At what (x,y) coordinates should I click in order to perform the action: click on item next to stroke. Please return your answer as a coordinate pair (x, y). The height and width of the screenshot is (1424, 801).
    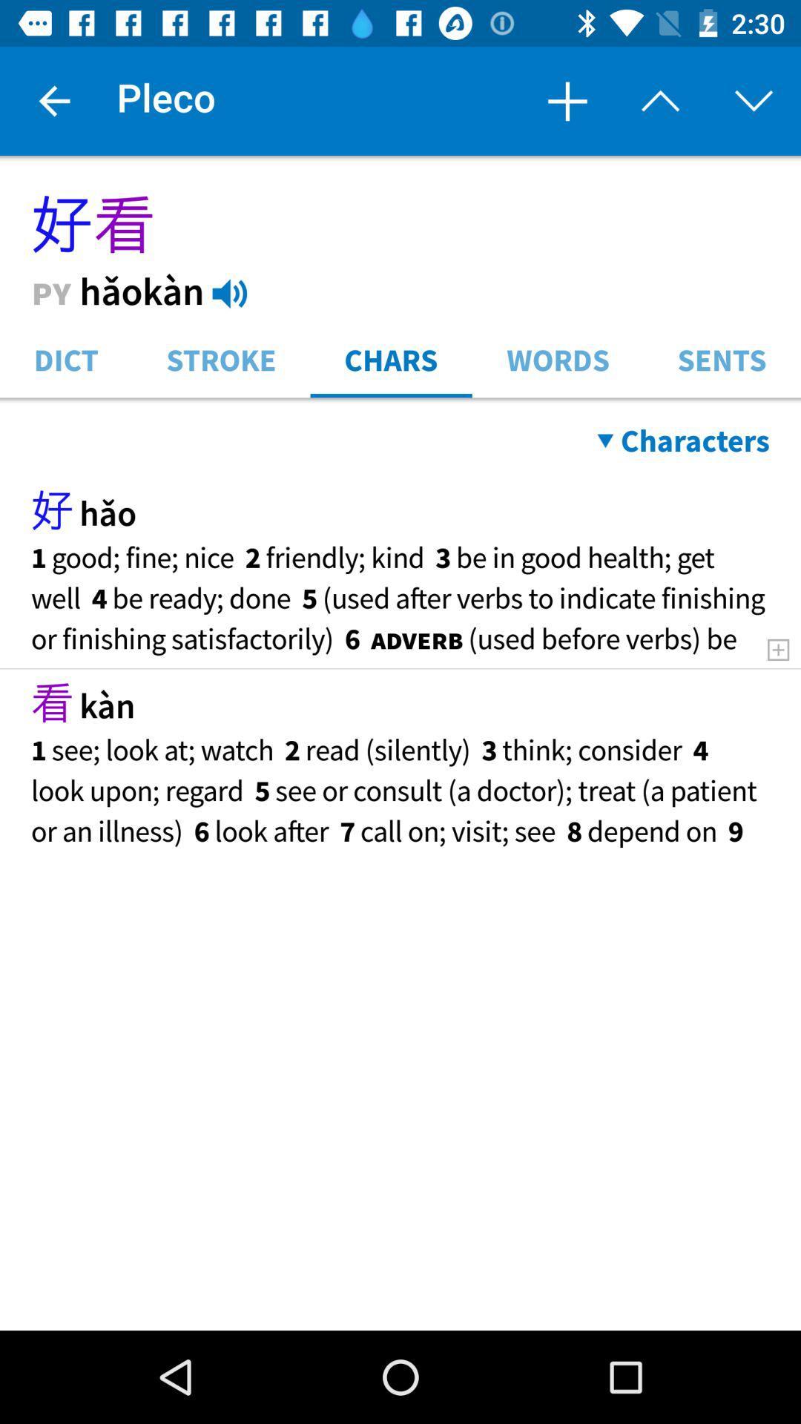
    Looking at the image, I should click on (65, 358).